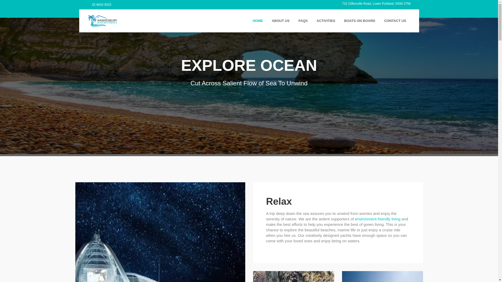 This screenshot has height=282, width=502. What do you see at coordinates (379, 21) in the screenshot?
I see `'CONTACT US'` at bounding box center [379, 21].